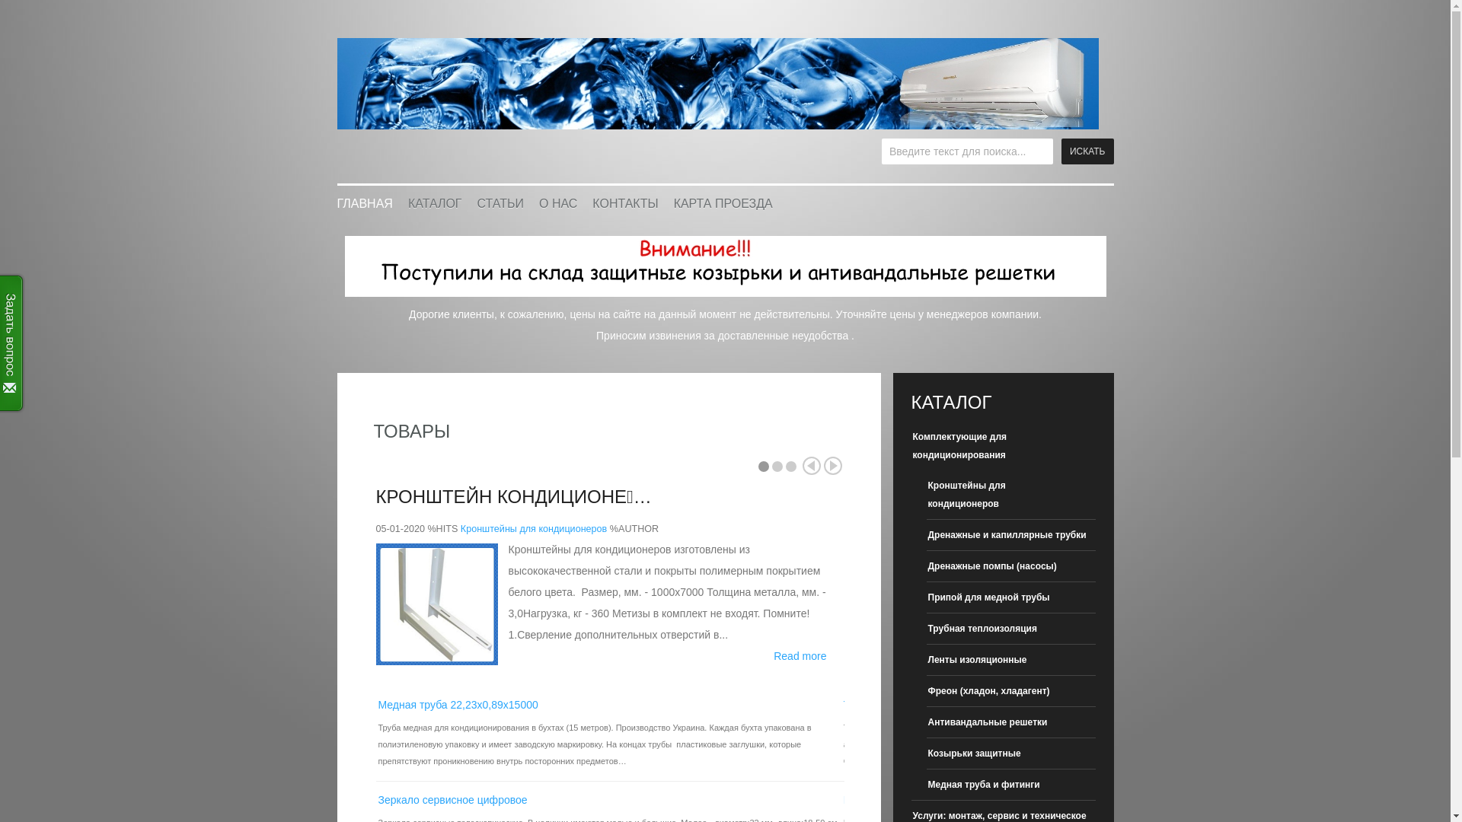 Image resolution: width=1462 pixels, height=822 pixels. Describe the element at coordinates (790, 466) in the screenshot. I see `'3'` at that location.